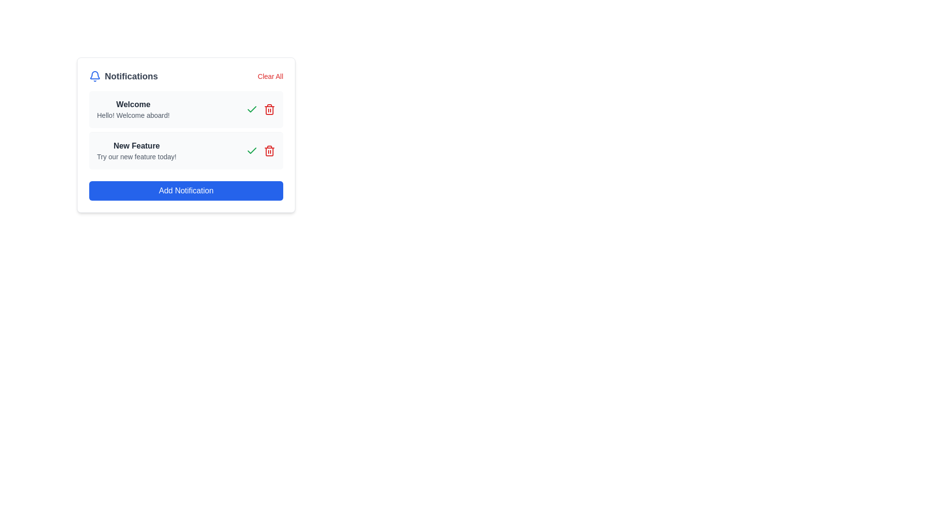 The height and width of the screenshot is (526, 936). I want to click on the static text element that provides additional greeting or information under the primary heading 'Welcome', so click(133, 114).